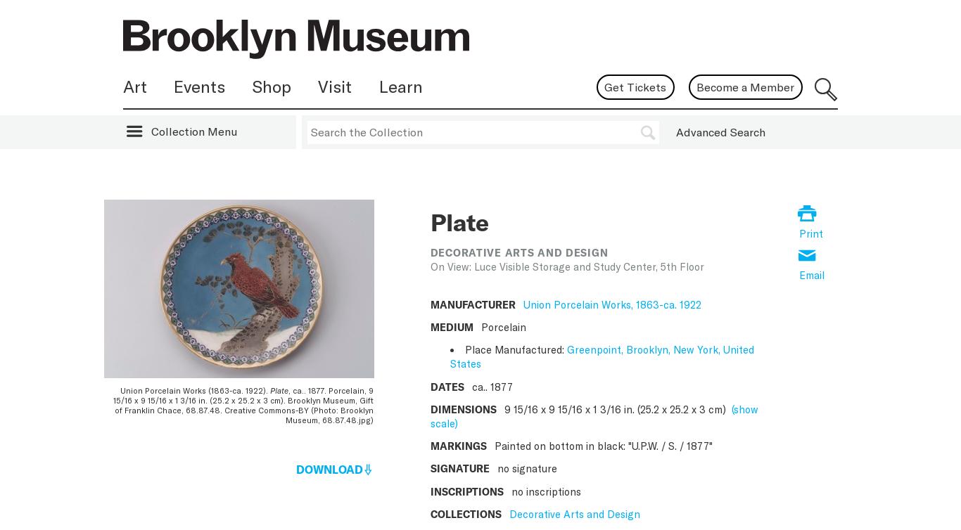 This screenshot has height=530, width=961. Describe the element at coordinates (744, 86) in the screenshot. I see `'Become a Member'` at that location.